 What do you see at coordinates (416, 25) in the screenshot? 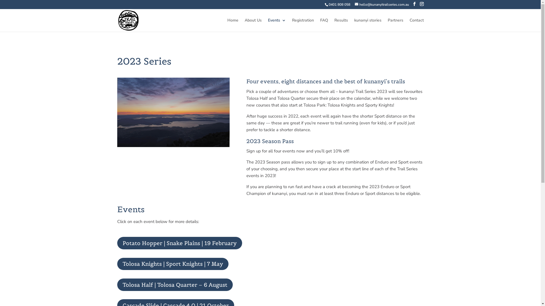
I see `'Contact'` at bounding box center [416, 25].